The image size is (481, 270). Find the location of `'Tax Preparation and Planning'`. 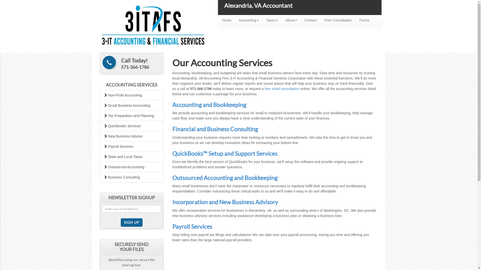

'Tax Preparation and Planning' is located at coordinates (132, 115).